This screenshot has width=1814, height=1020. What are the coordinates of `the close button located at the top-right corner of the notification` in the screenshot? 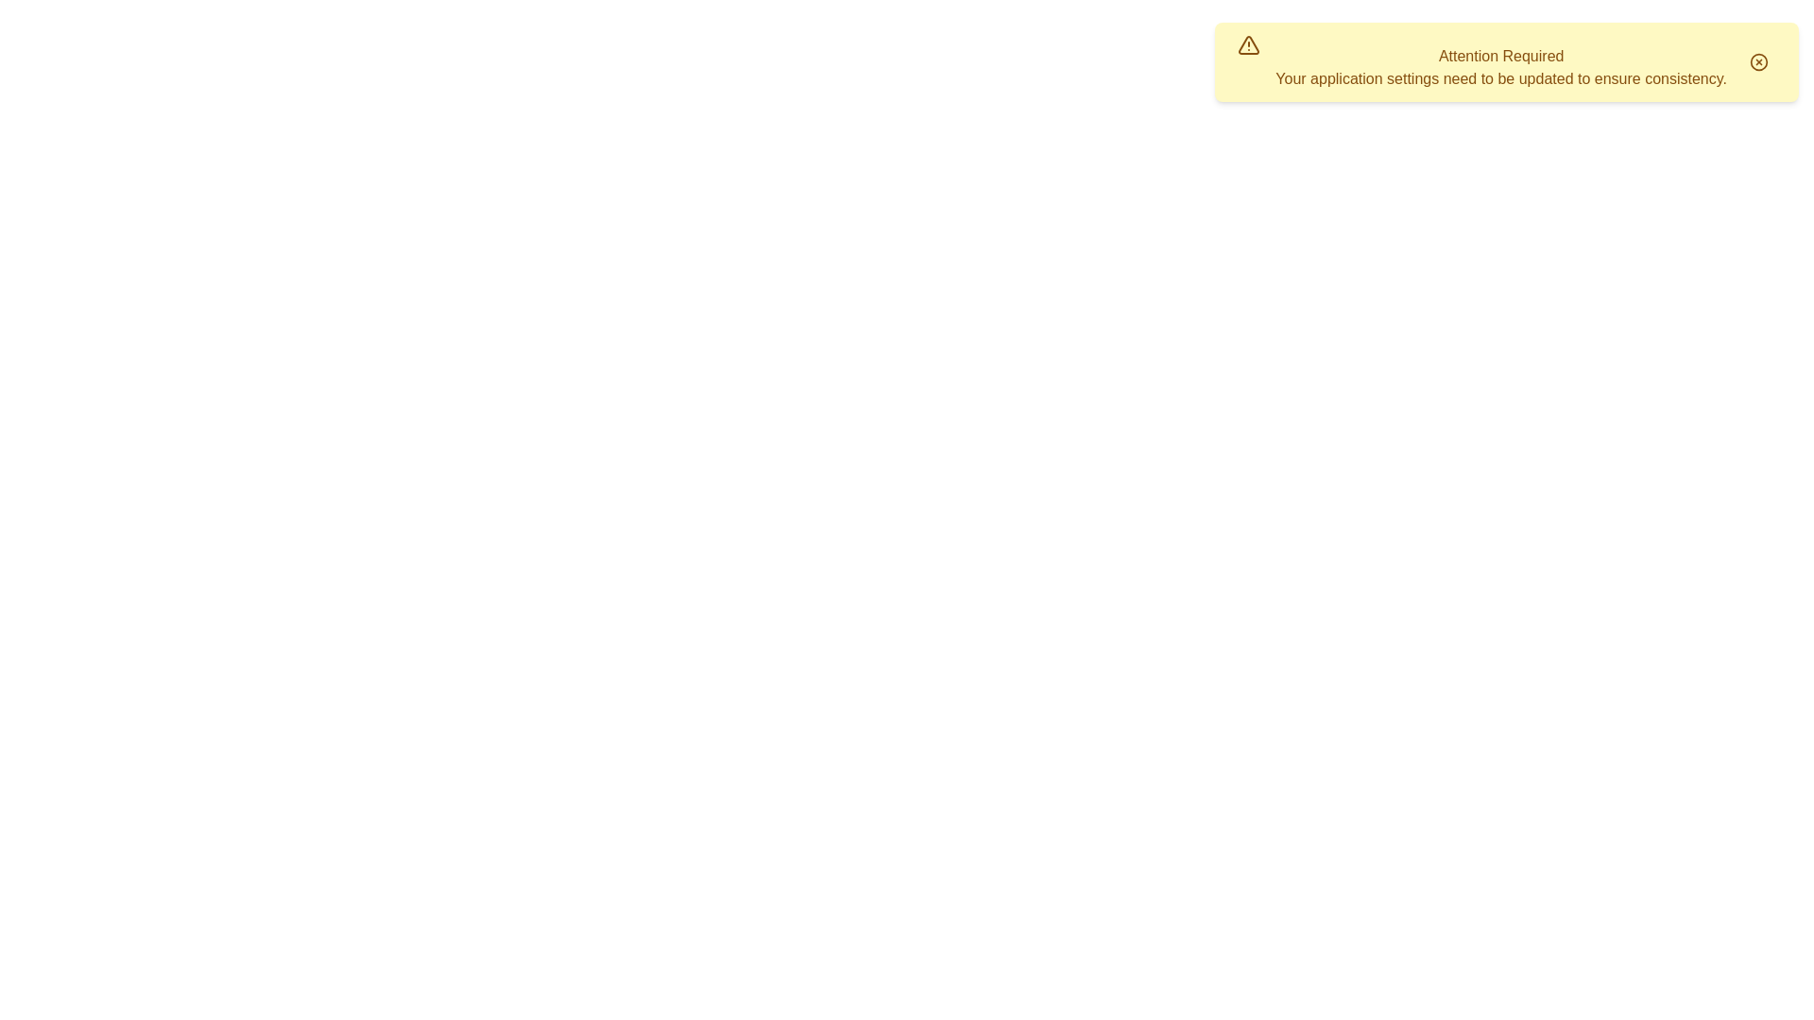 It's located at (1758, 60).